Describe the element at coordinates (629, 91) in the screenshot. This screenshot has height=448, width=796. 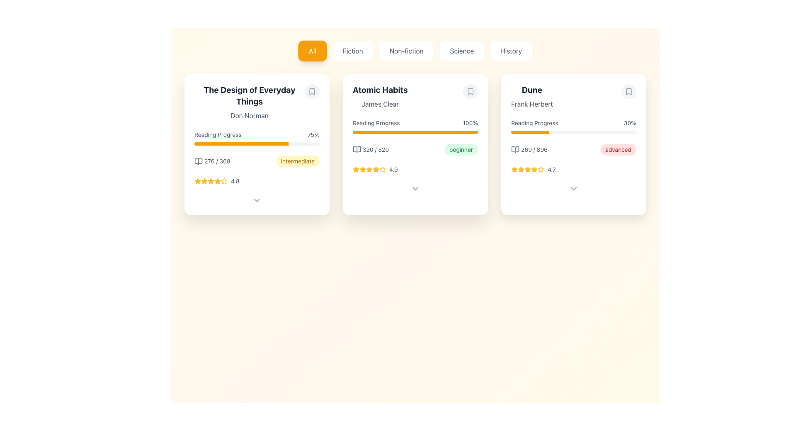
I see `the bookmark icon button located in the top-right corner of the 'Dune' card` at that location.